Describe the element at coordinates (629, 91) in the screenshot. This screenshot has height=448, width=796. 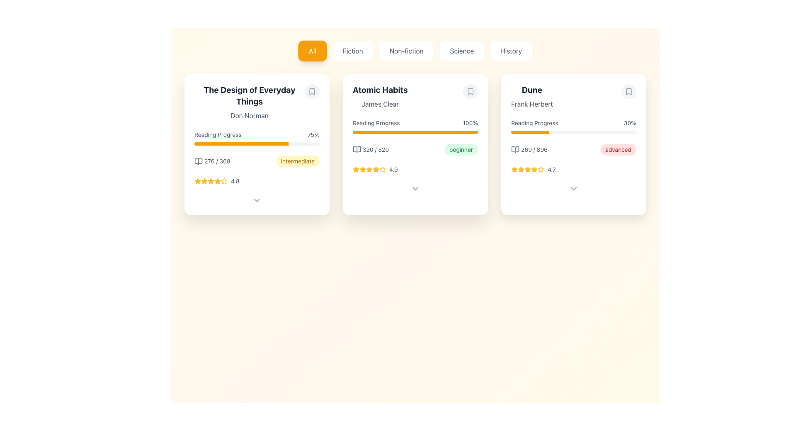
I see `the bookmark icon button located in the top-right corner of the 'Dune' card` at that location.